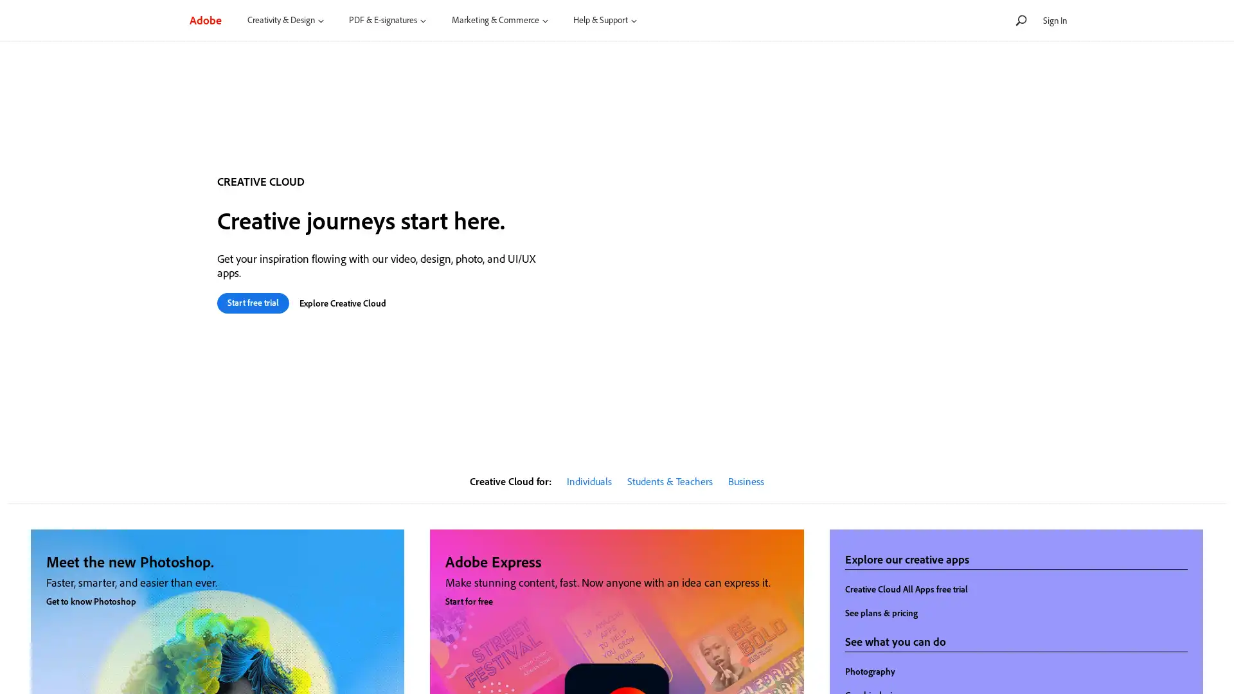 The width and height of the screenshot is (1234, 694). Describe the element at coordinates (310, 557) in the screenshot. I see `close` at that location.